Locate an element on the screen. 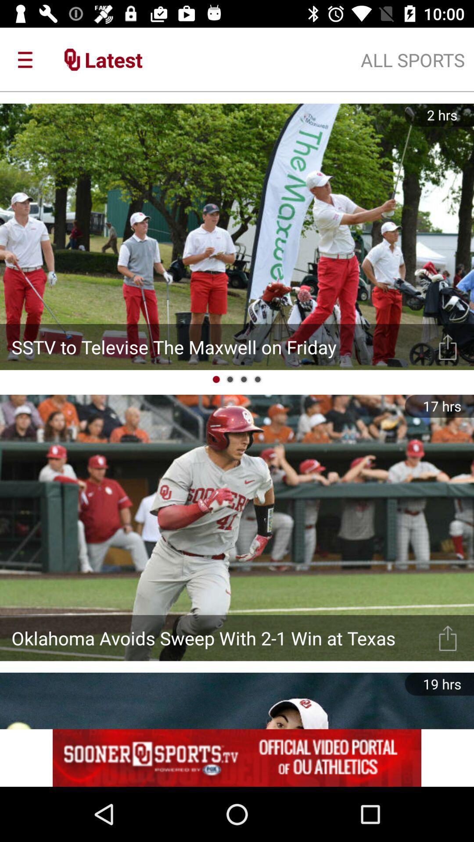  banner is located at coordinates (237, 757).